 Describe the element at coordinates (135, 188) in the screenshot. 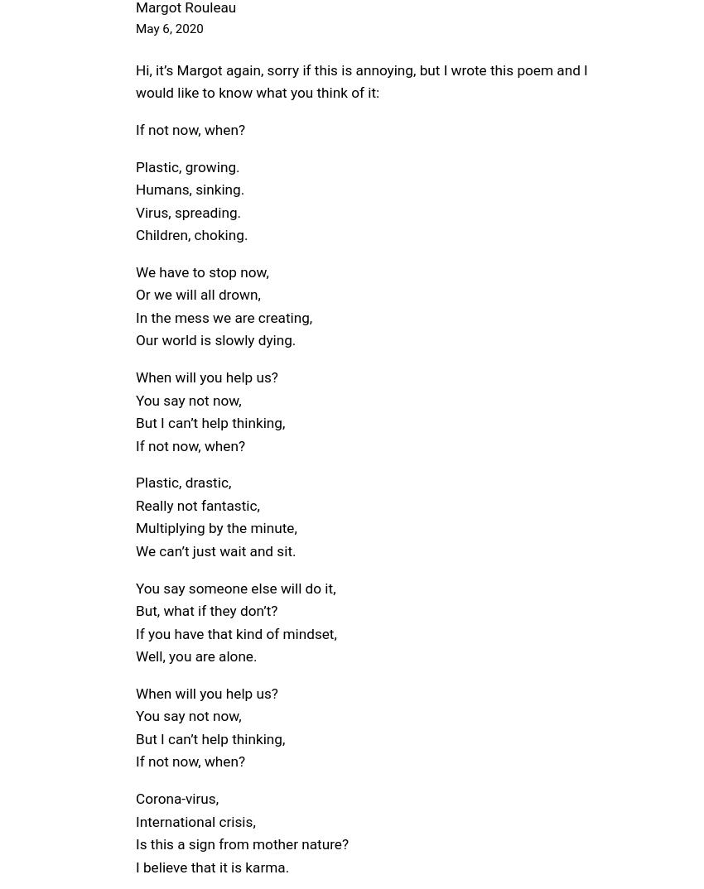

I see `'Humans, sinking.'` at that location.